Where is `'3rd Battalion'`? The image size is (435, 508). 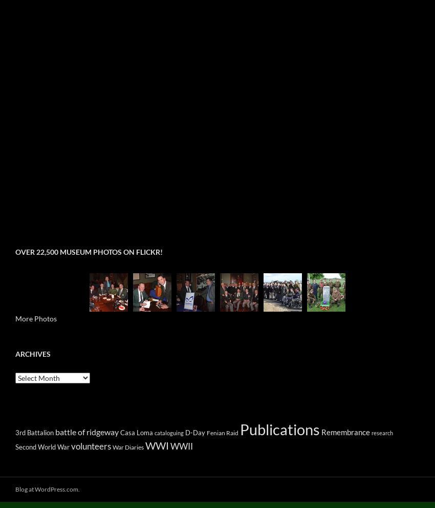
'3rd Battalion' is located at coordinates (34, 432).